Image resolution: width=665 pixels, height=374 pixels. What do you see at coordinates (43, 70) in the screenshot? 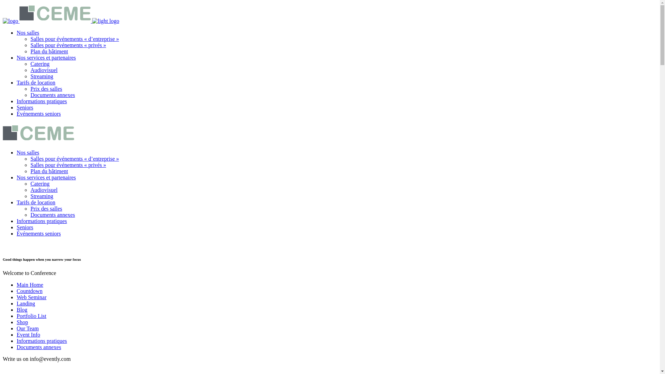
I see `'Audiovisuel'` at bounding box center [43, 70].